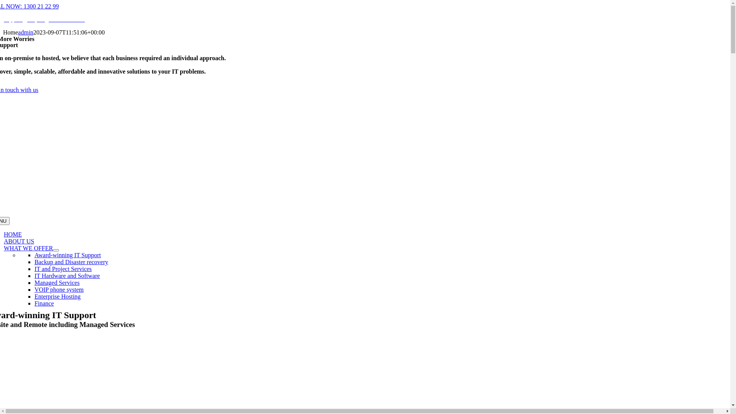  Describe the element at coordinates (56, 283) in the screenshot. I see `'Managed Services'` at that location.